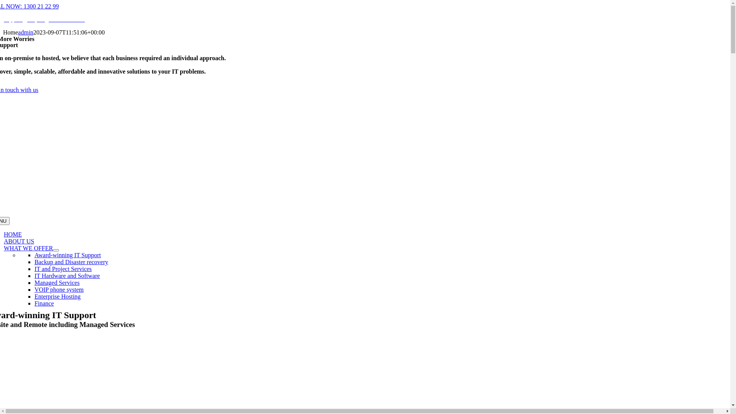  Describe the element at coordinates (56, 283) in the screenshot. I see `'Managed Services'` at that location.